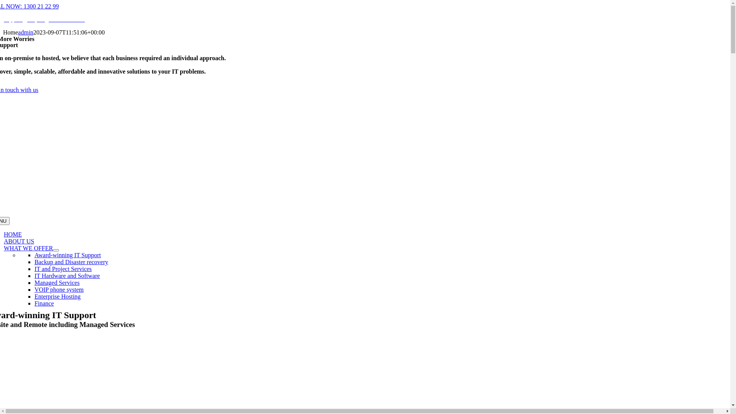  Describe the element at coordinates (56, 283) in the screenshot. I see `'Managed Services'` at that location.